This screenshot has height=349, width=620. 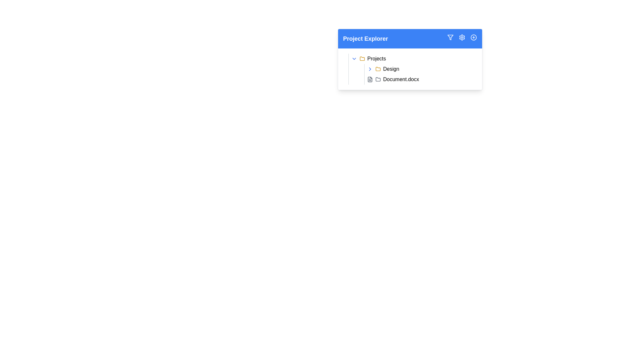 What do you see at coordinates (409, 59) in the screenshot?
I see `the file in the hierarchical navigation pane` at bounding box center [409, 59].